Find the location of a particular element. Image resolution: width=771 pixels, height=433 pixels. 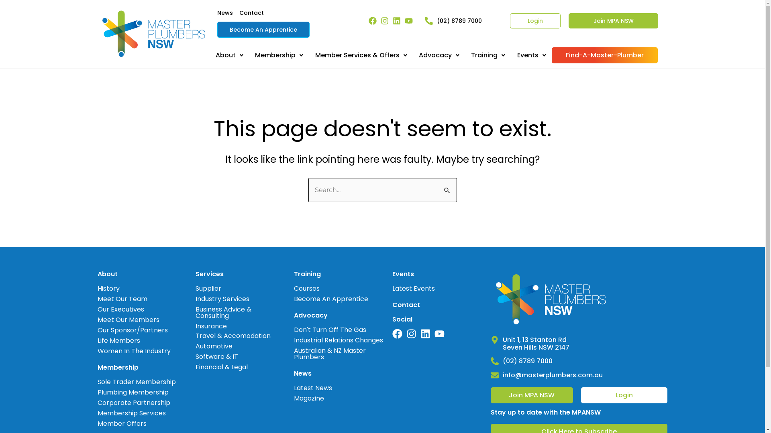

'Don't Turn Off The Gas' is located at coordinates (339, 330).